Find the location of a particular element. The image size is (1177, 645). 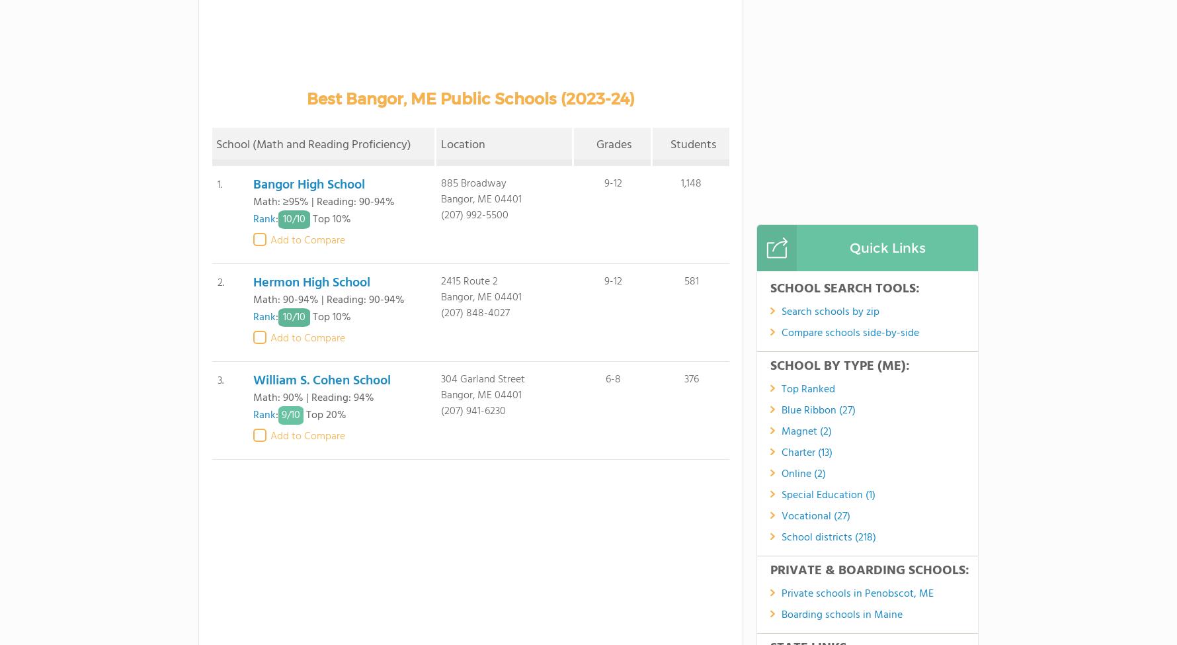

'Student Member Area' is located at coordinates (729, 569).